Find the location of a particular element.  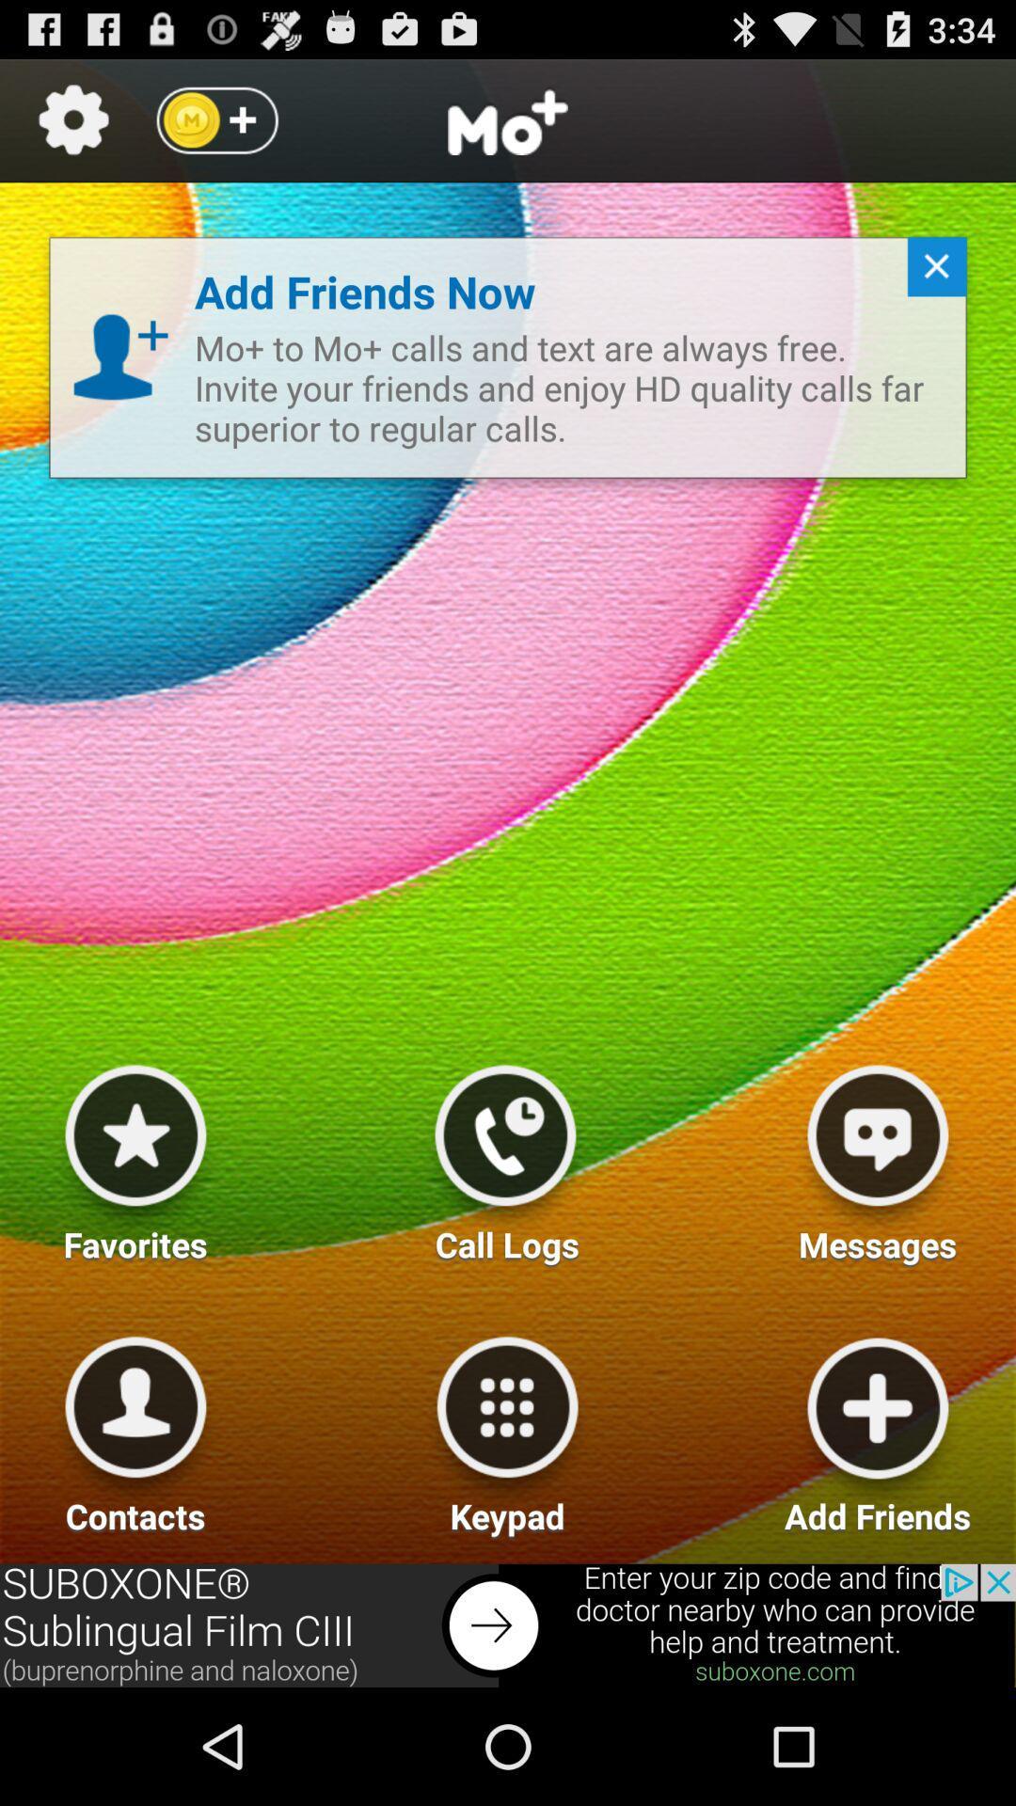

the add icon is located at coordinates (214, 128).